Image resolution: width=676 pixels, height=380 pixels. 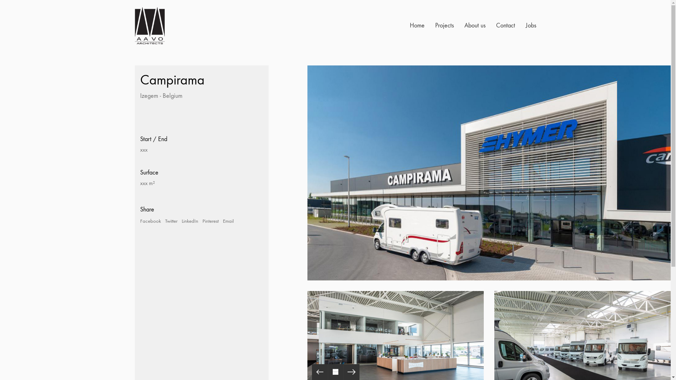 I want to click on 'Pinterest', so click(x=209, y=221).